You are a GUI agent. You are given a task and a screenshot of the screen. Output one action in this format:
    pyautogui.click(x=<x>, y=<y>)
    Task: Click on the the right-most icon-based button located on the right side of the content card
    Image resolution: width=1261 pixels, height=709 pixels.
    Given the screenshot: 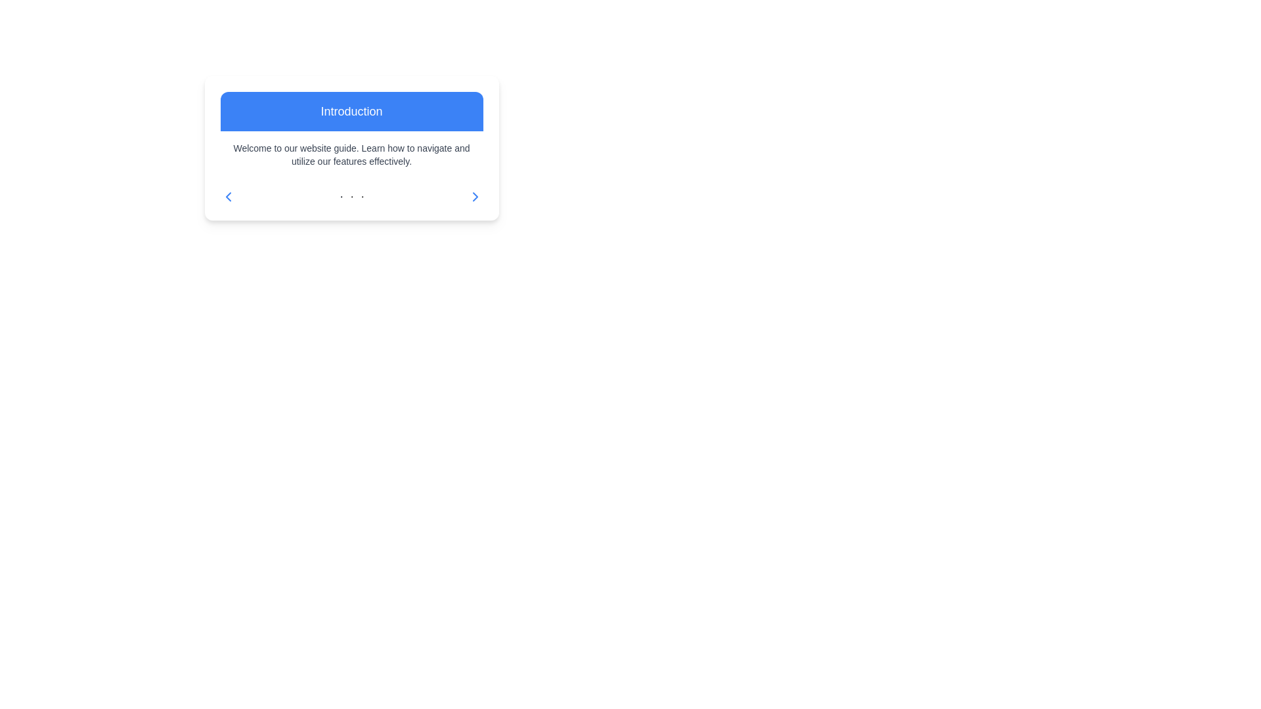 What is the action you would take?
    pyautogui.click(x=474, y=197)
    